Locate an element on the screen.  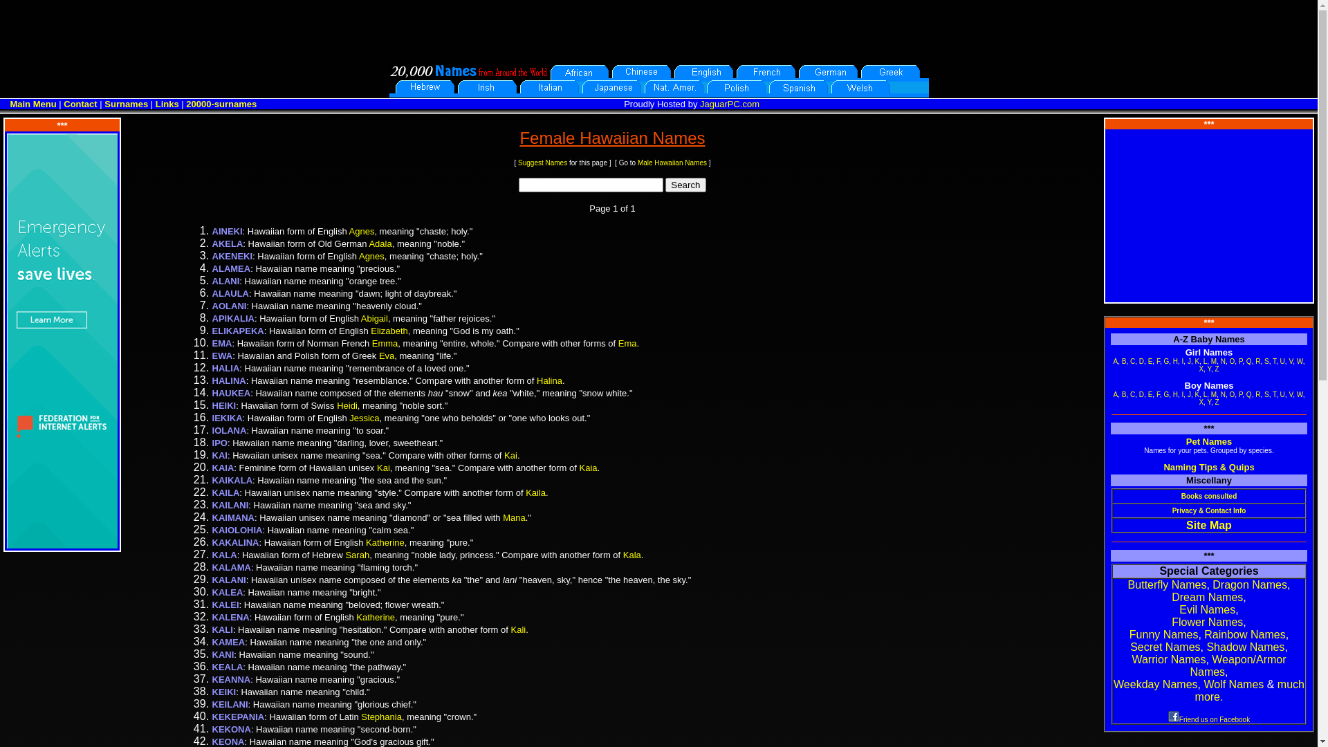
'P' is located at coordinates (1240, 394).